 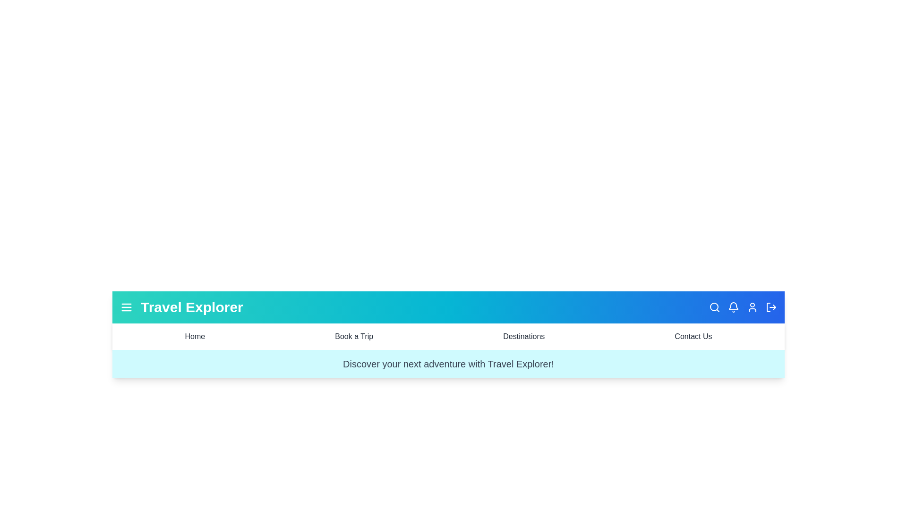 What do you see at coordinates (771, 307) in the screenshot?
I see `the logout icon to initiate the logout process` at bounding box center [771, 307].